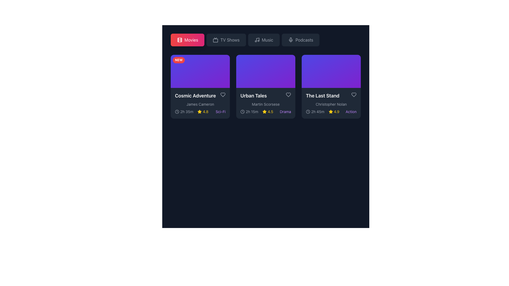 The width and height of the screenshot is (509, 286). I want to click on the favorite icon located in the upper-right corner of the 'Cosmic Adventure' card, so click(223, 95).